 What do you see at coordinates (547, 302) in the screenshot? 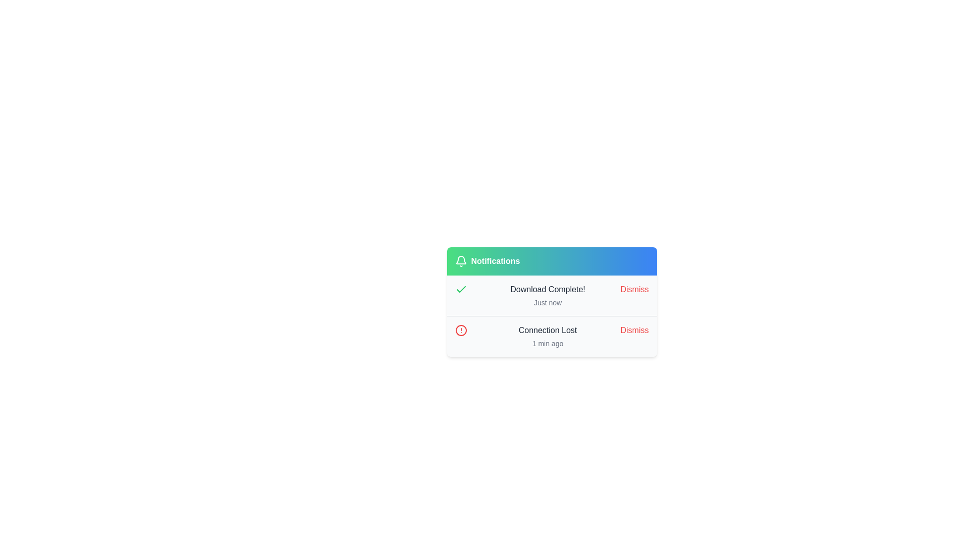
I see `the text label displaying 'Just now', which is a smaller gray timestamp located beneath the 'Download Complete!' notification title` at bounding box center [547, 302].